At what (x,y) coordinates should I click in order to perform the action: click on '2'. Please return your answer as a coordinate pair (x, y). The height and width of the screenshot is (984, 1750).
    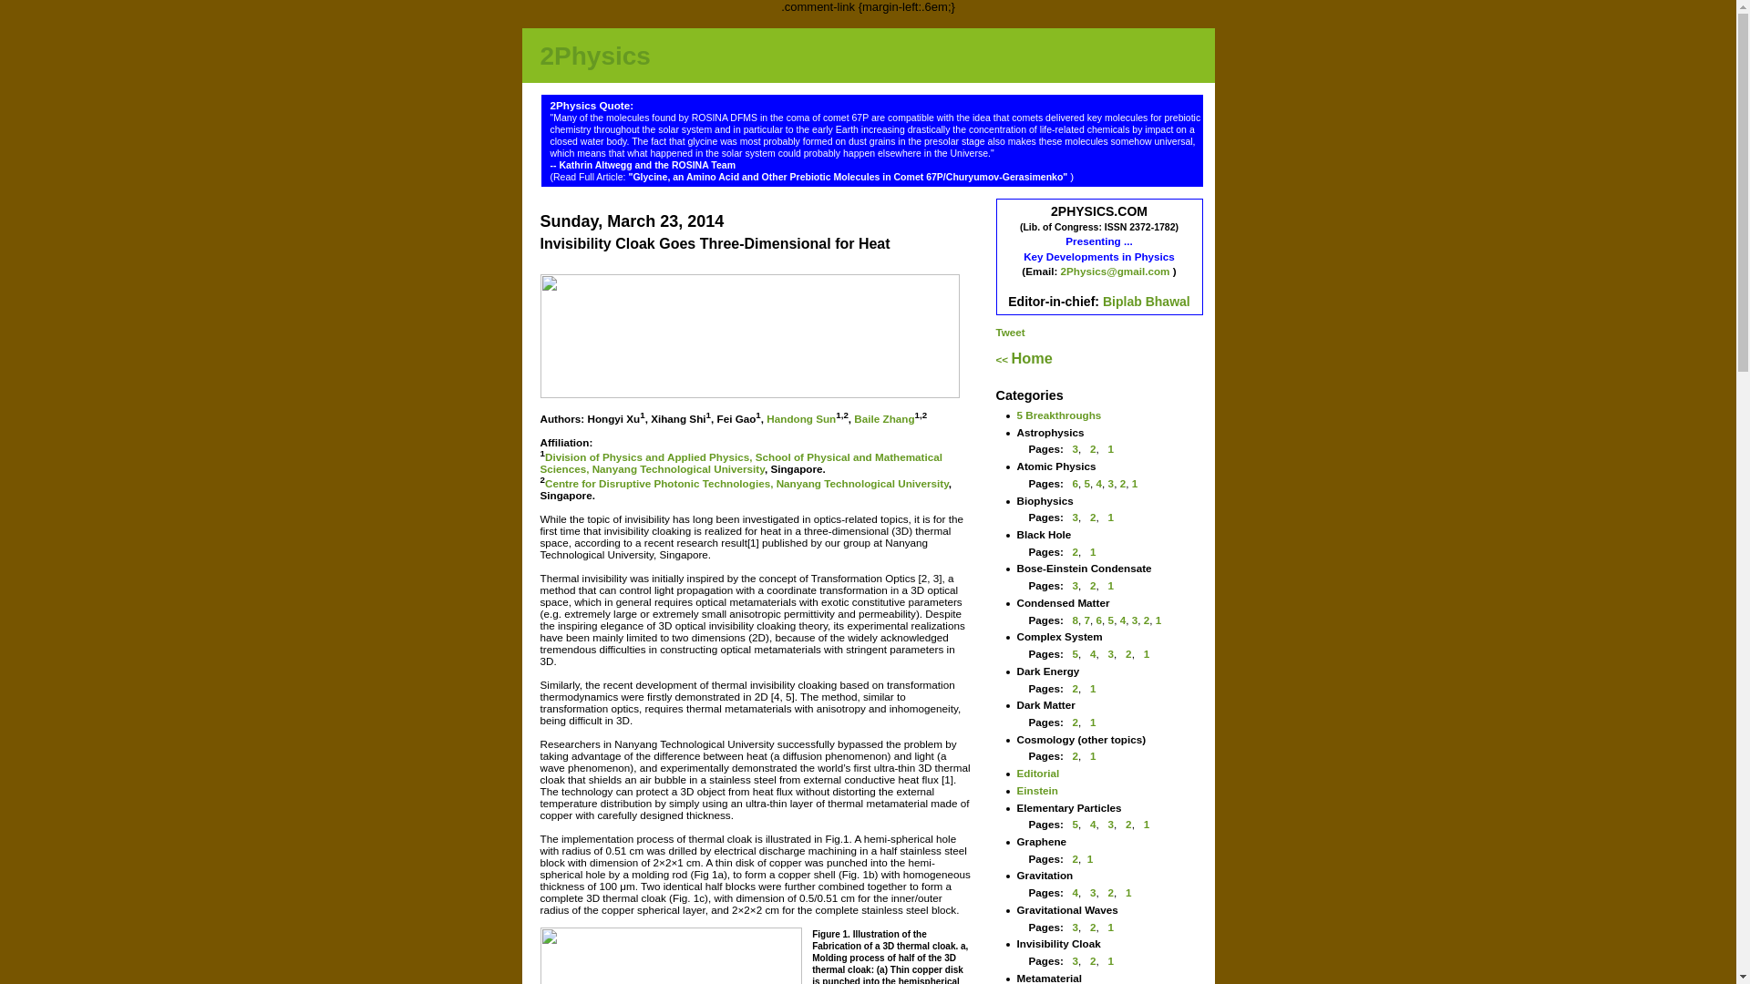
    Looking at the image, I should click on (1127, 824).